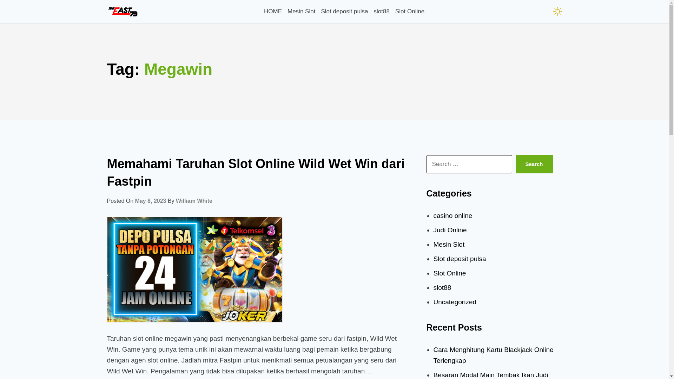 Image resolution: width=674 pixels, height=379 pixels. What do you see at coordinates (272, 11) in the screenshot?
I see `'HOME'` at bounding box center [272, 11].